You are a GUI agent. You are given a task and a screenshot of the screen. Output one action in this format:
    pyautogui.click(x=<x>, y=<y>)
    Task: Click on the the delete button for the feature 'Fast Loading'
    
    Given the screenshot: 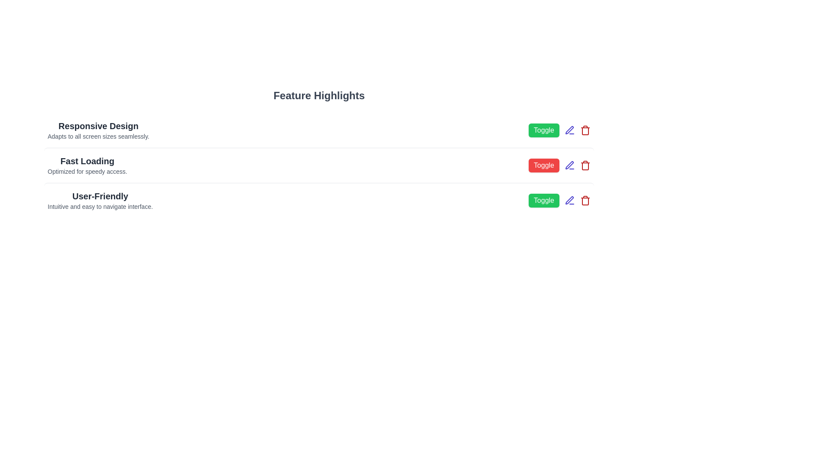 What is the action you would take?
    pyautogui.click(x=585, y=165)
    